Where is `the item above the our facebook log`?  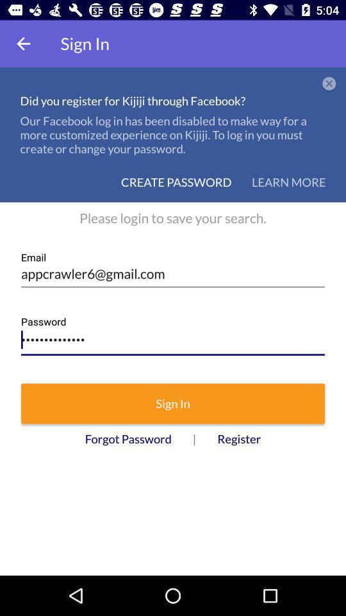 the item above the our facebook log is located at coordinates (329, 83).